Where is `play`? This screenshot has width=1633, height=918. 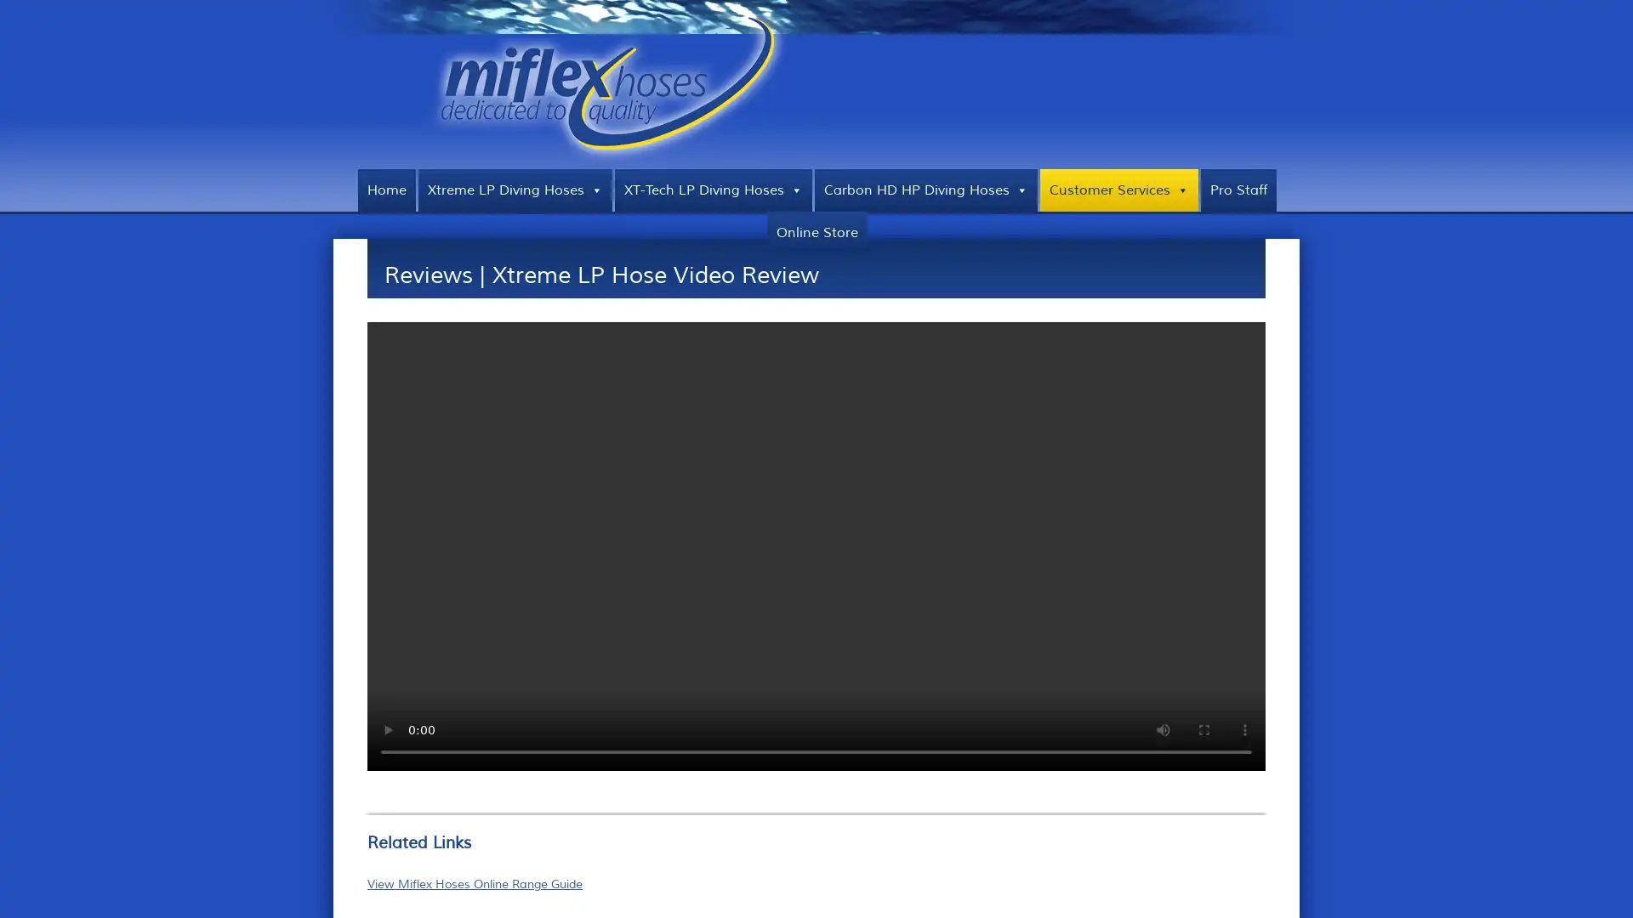 play is located at coordinates (387, 728).